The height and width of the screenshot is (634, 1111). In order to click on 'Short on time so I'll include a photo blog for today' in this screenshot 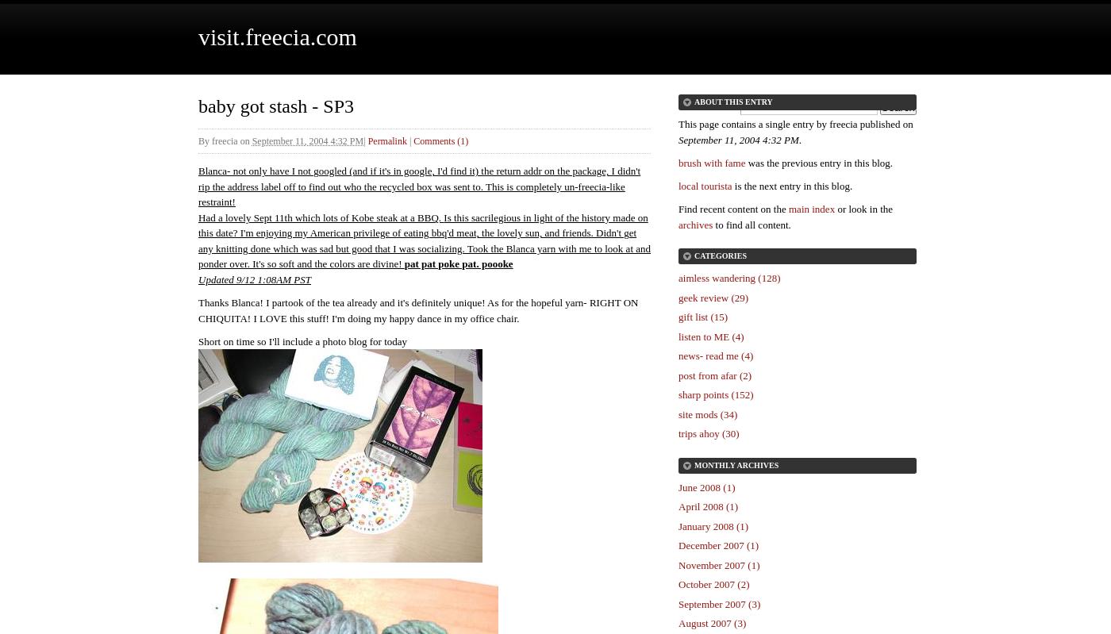, I will do `click(302, 340)`.